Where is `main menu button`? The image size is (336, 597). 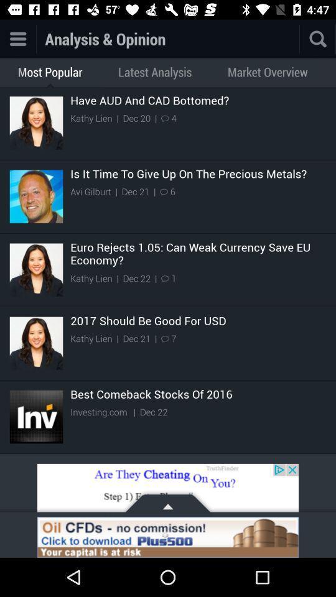 main menu button is located at coordinates (17, 39).